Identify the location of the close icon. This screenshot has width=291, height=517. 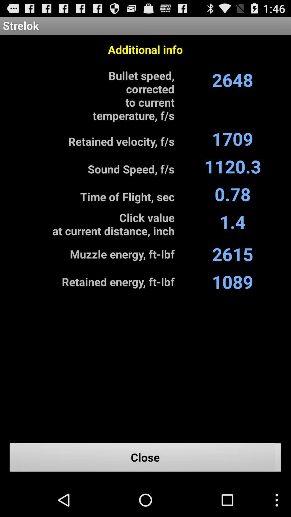
(145, 459).